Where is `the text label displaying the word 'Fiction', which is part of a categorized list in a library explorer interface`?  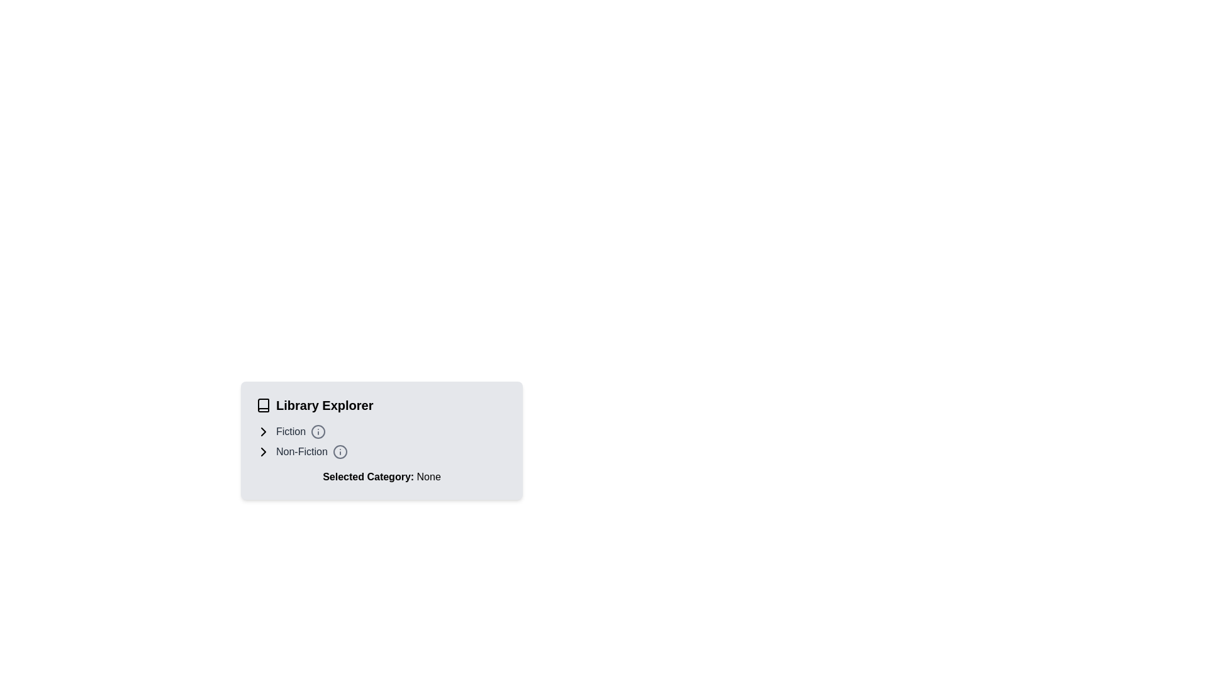 the text label displaying the word 'Fiction', which is part of a categorized list in a library explorer interface is located at coordinates (290, 431).